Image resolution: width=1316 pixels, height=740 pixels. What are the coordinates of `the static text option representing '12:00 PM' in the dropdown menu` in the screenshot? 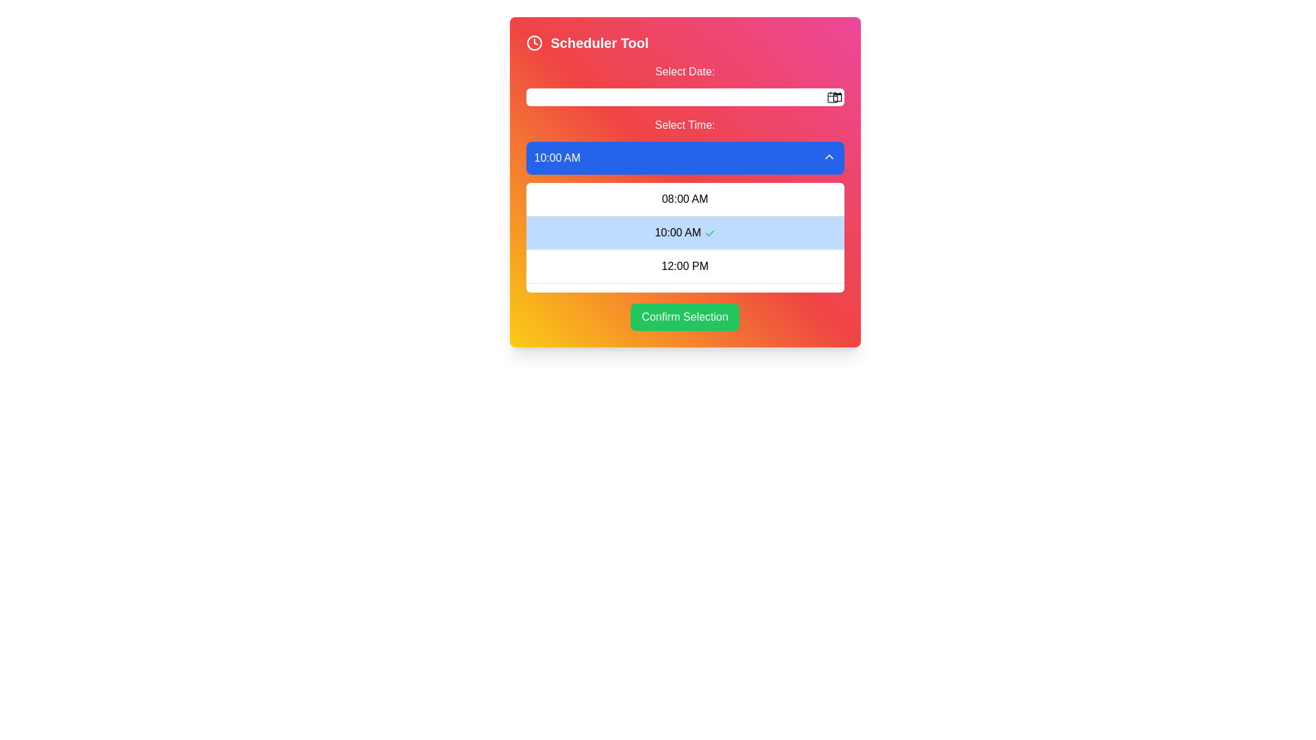 It's located at (685, 266).